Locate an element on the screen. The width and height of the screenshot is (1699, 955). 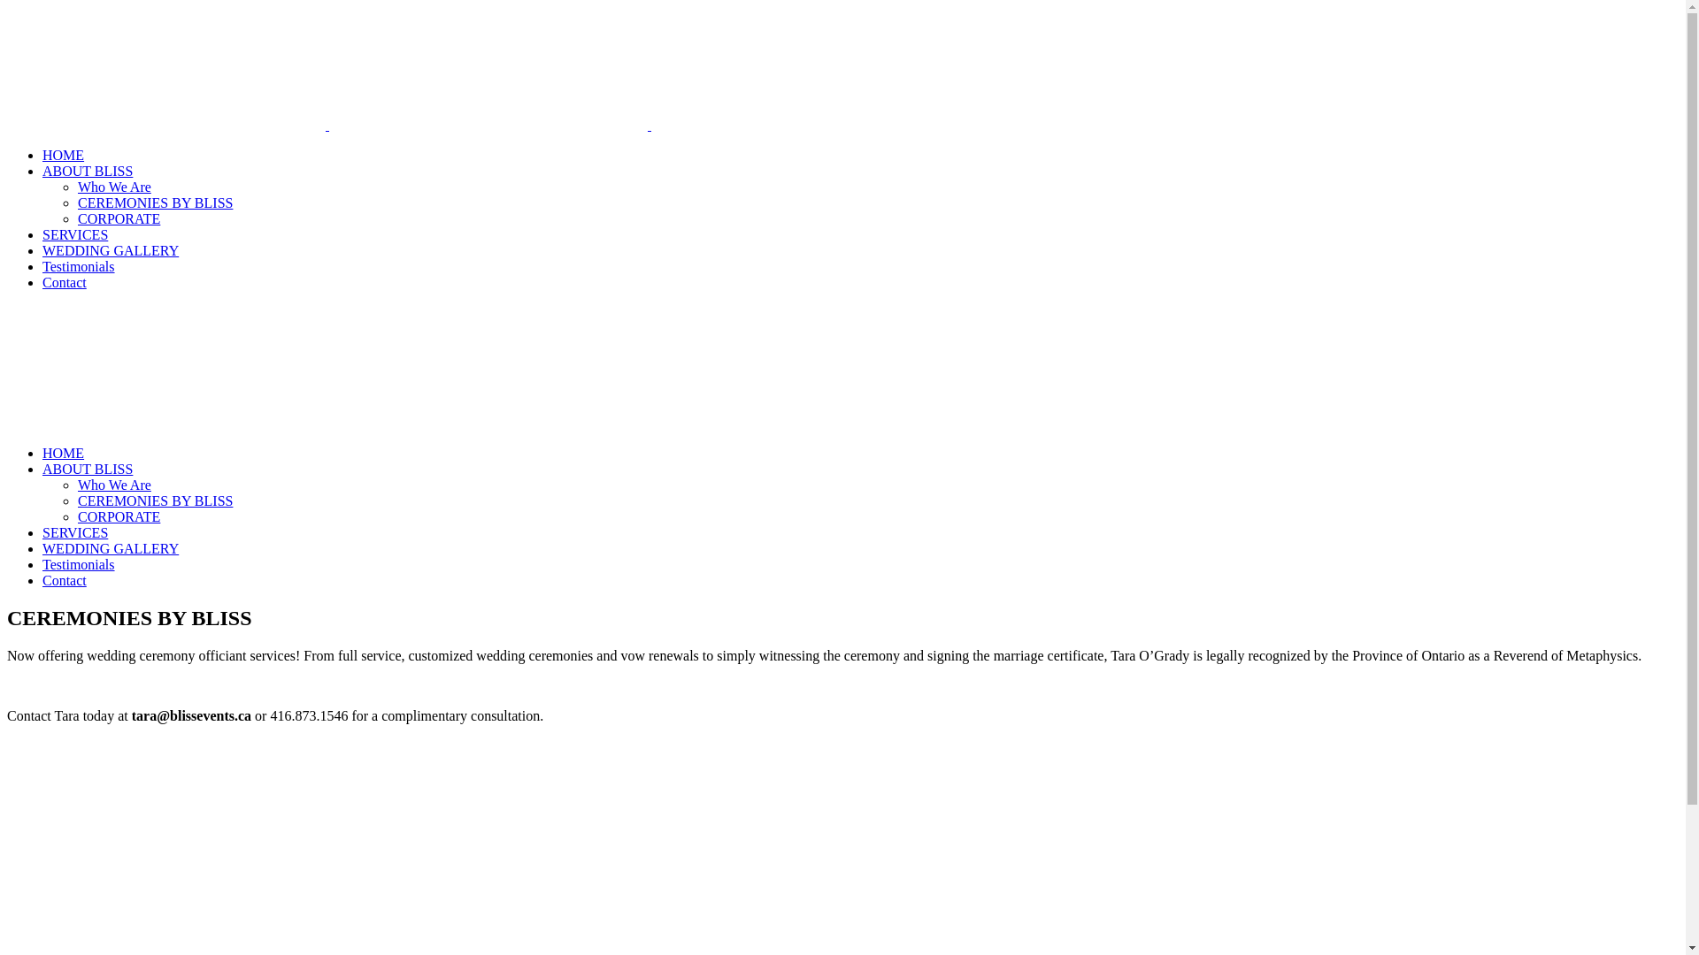
'SERVICES' is located at coordinates (74, 531).